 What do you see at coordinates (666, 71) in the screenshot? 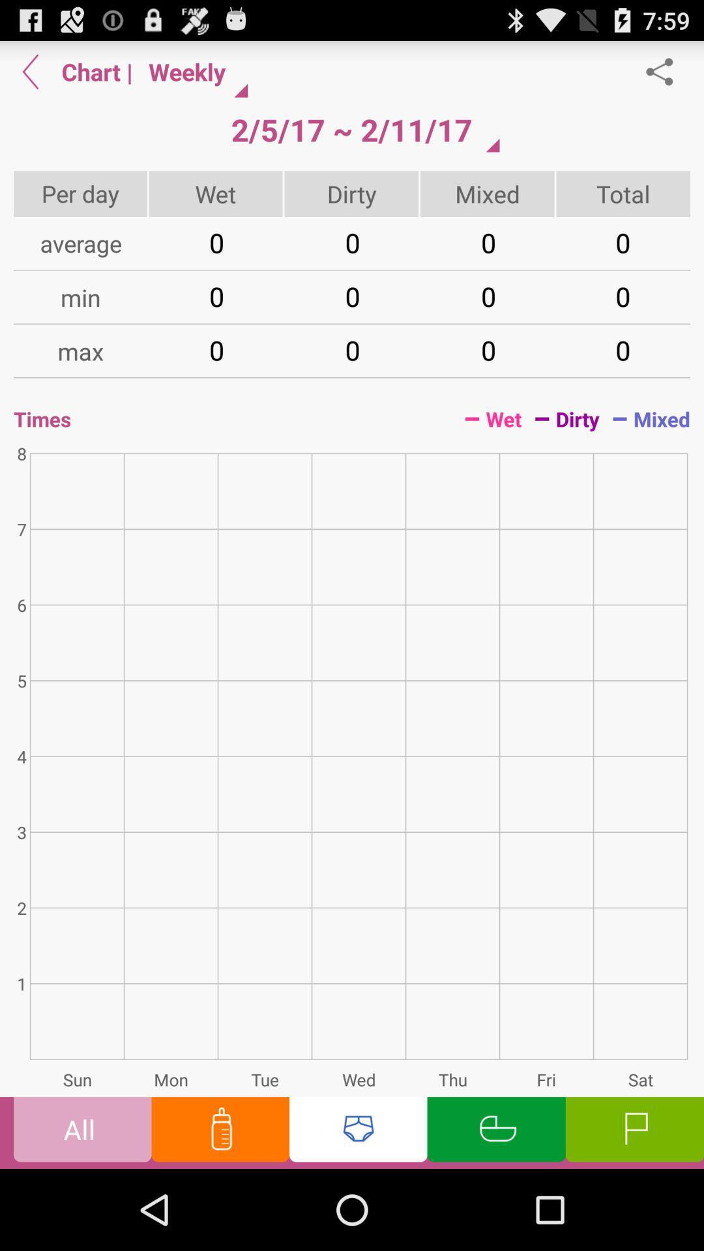
I see `share option` at bounding box center [666, 71].